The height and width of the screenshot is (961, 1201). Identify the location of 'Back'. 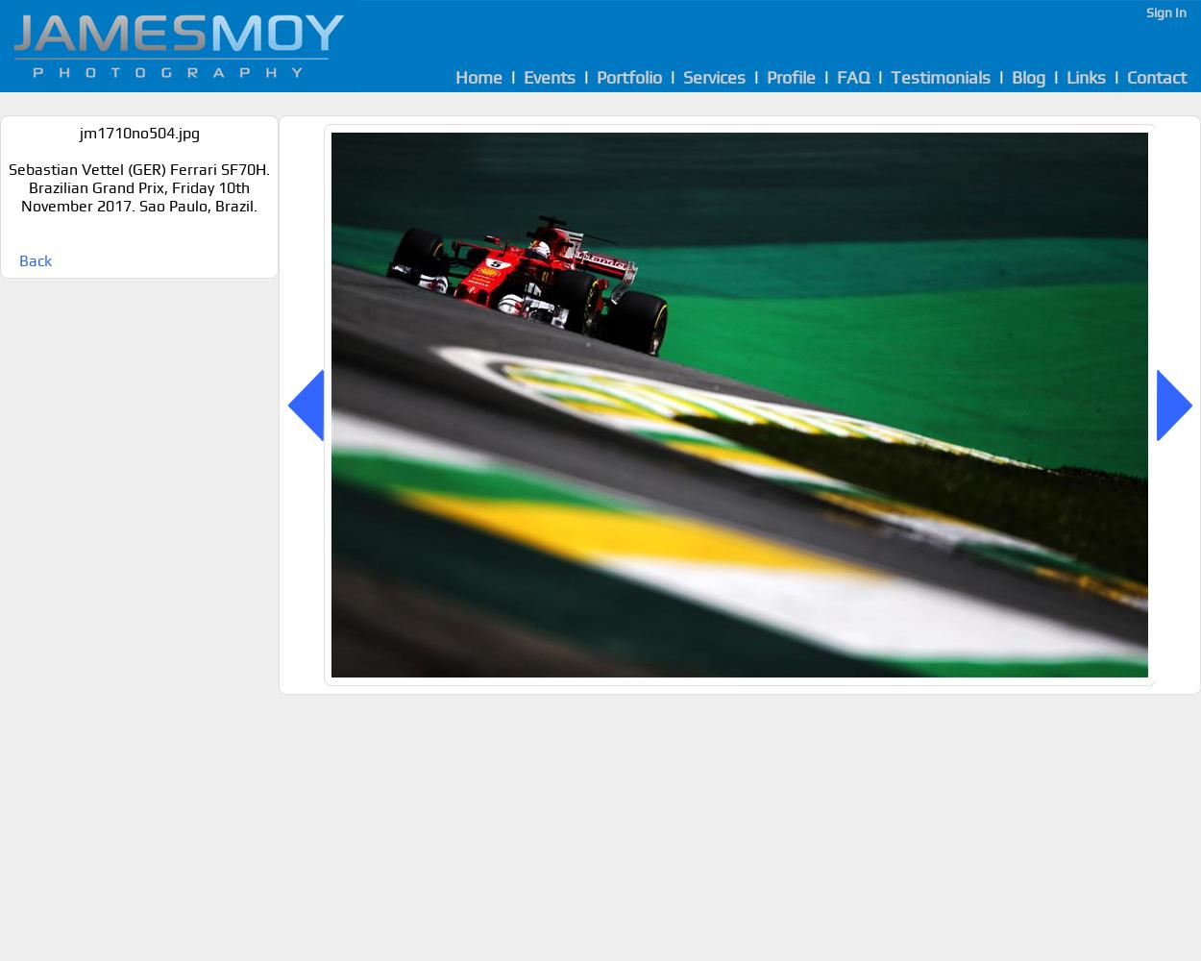
(19, 260).